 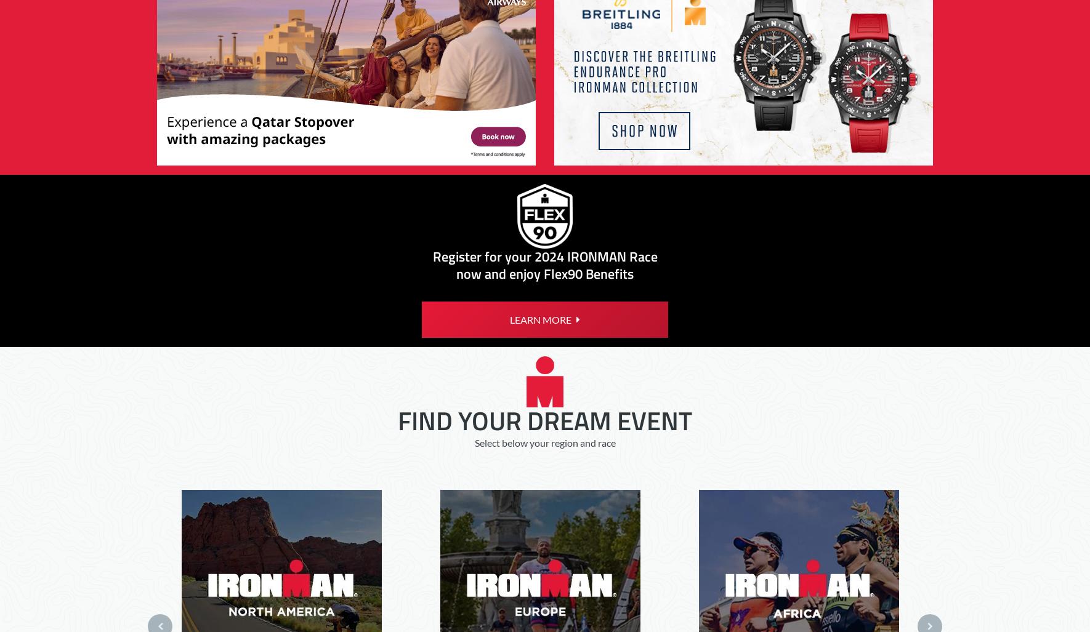 I want to click on '©2023 SportsEngine, Inc.', so click(x=646, y=111).